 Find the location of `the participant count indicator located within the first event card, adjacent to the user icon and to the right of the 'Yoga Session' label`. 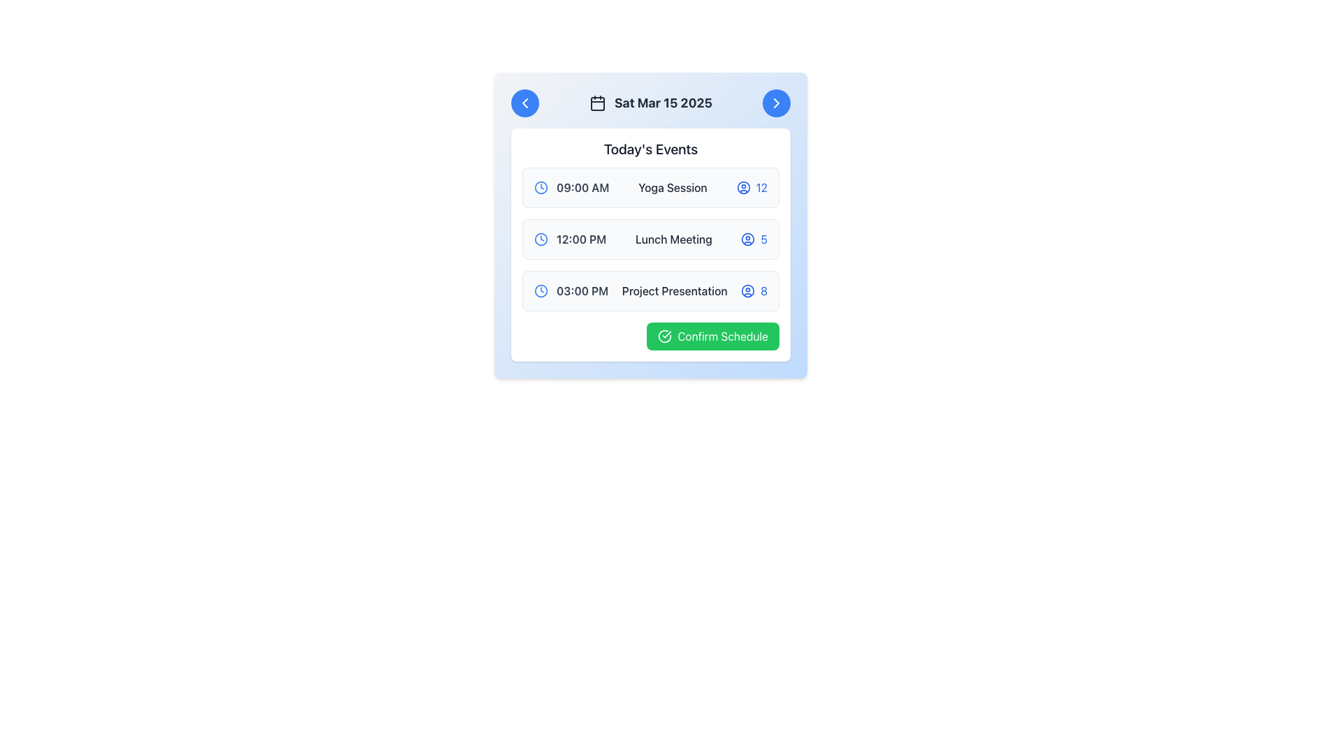

the participant count indicator located within the first event card, adjacent to the user icon and to the right of the 'Yoga Session' label is located at coordinates (751, 187).